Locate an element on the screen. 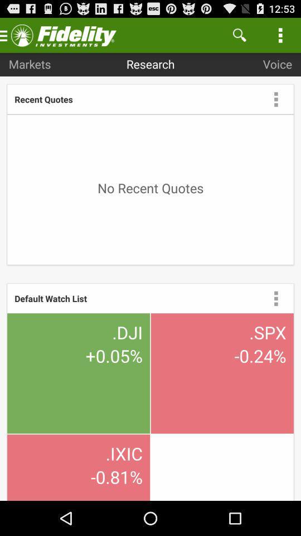 The image size is (301, 536). icon next to the research item is located at coordinates (239, 35).